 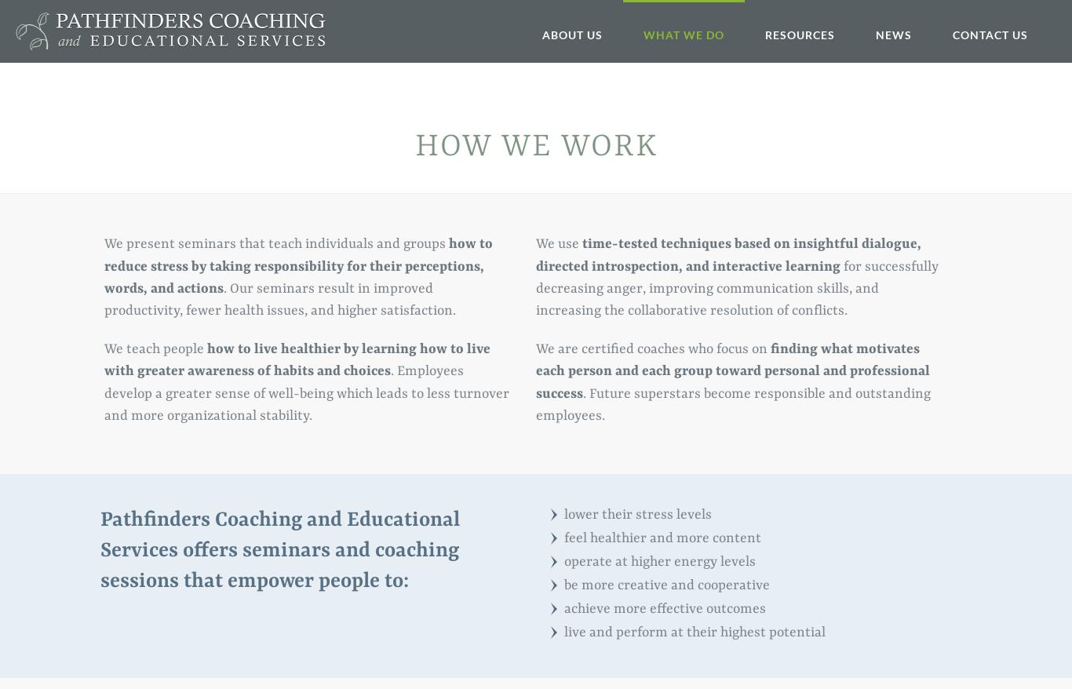 I want to click on 'We use', so click(x=559, y=243).